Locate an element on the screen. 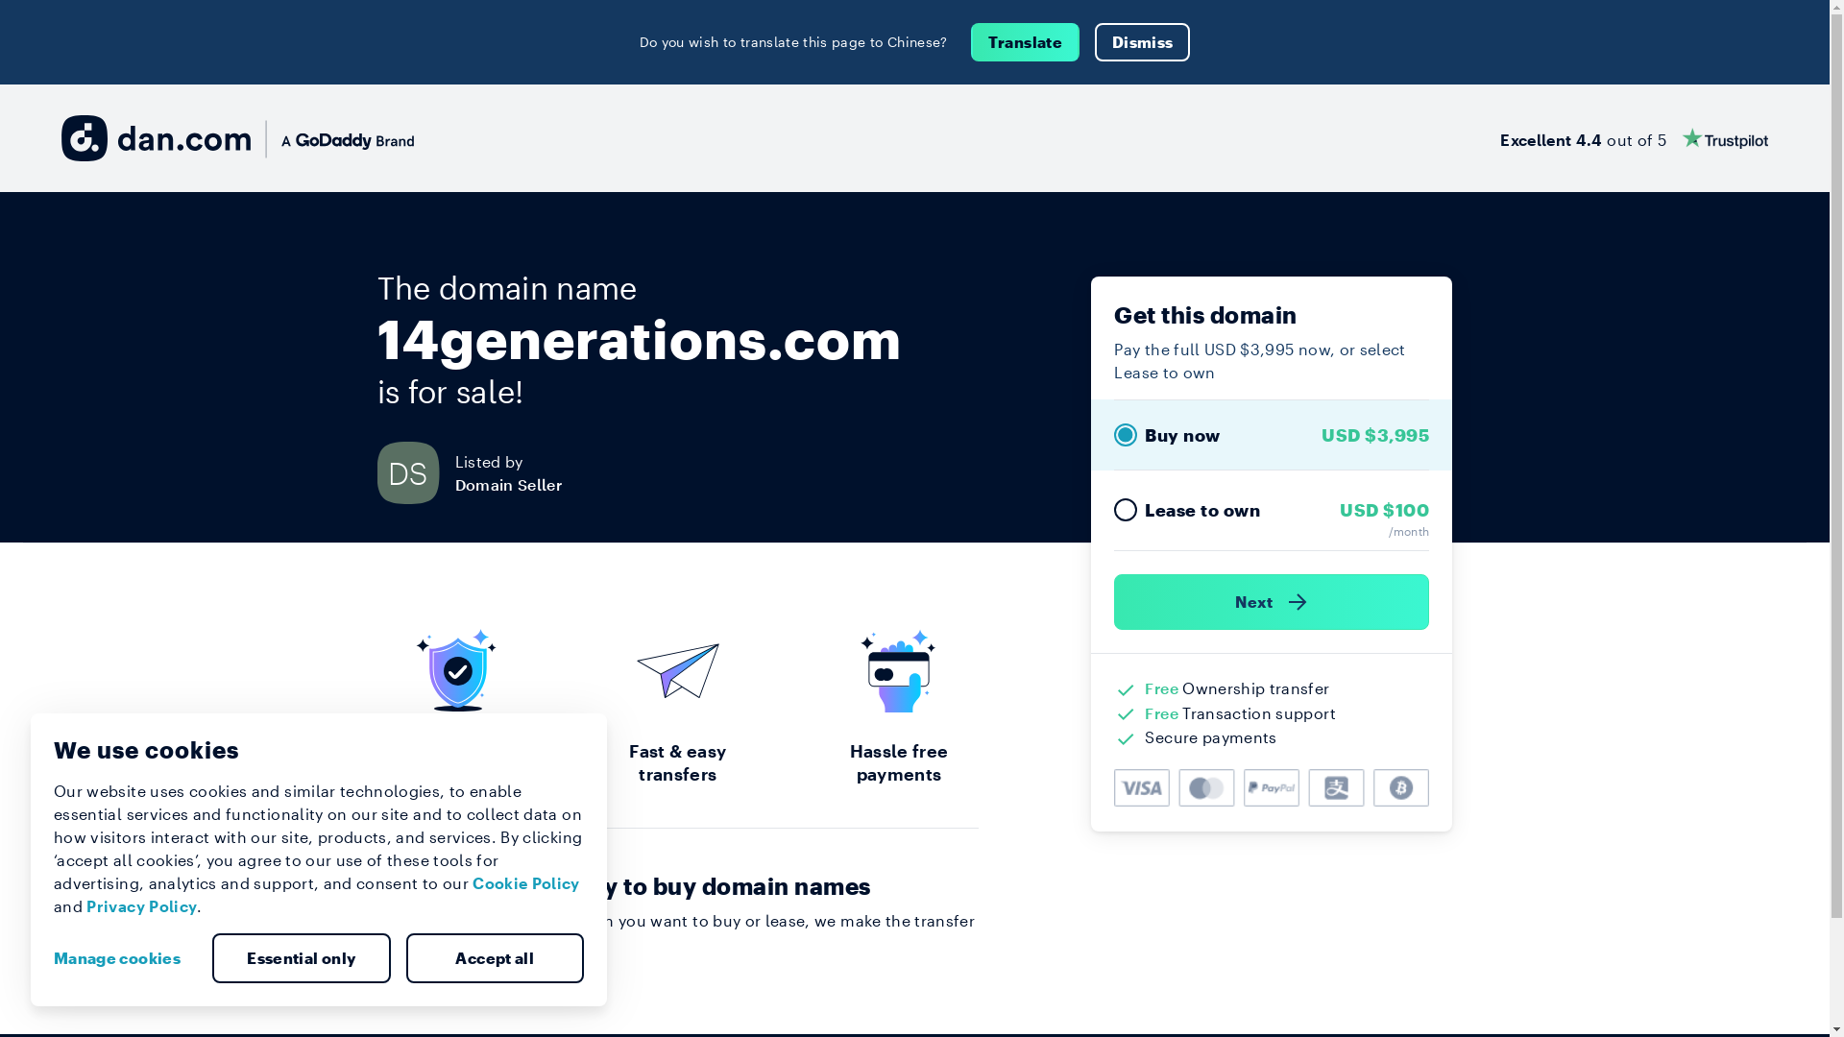  'Translate' is located at coordinates (1024, 41).